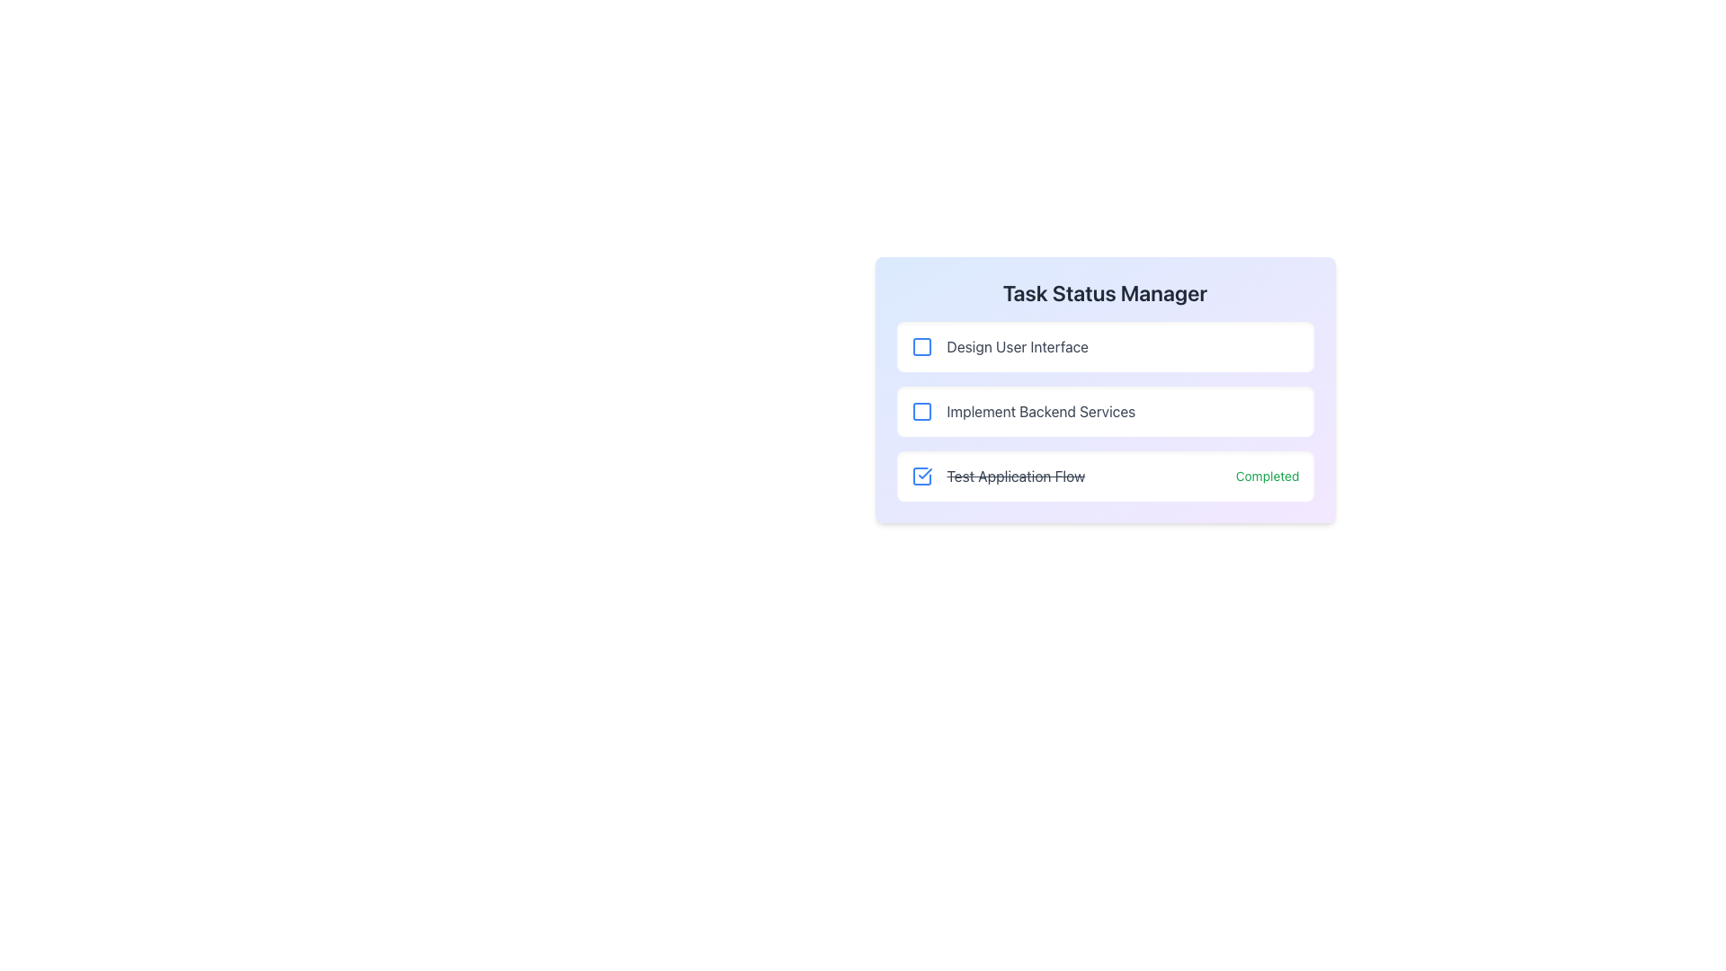 The height and width of the screenshot is (971, 1726). I want to click on the text label indicating 'Test Application Flow', which is marked as completed, so click(1016, 475).